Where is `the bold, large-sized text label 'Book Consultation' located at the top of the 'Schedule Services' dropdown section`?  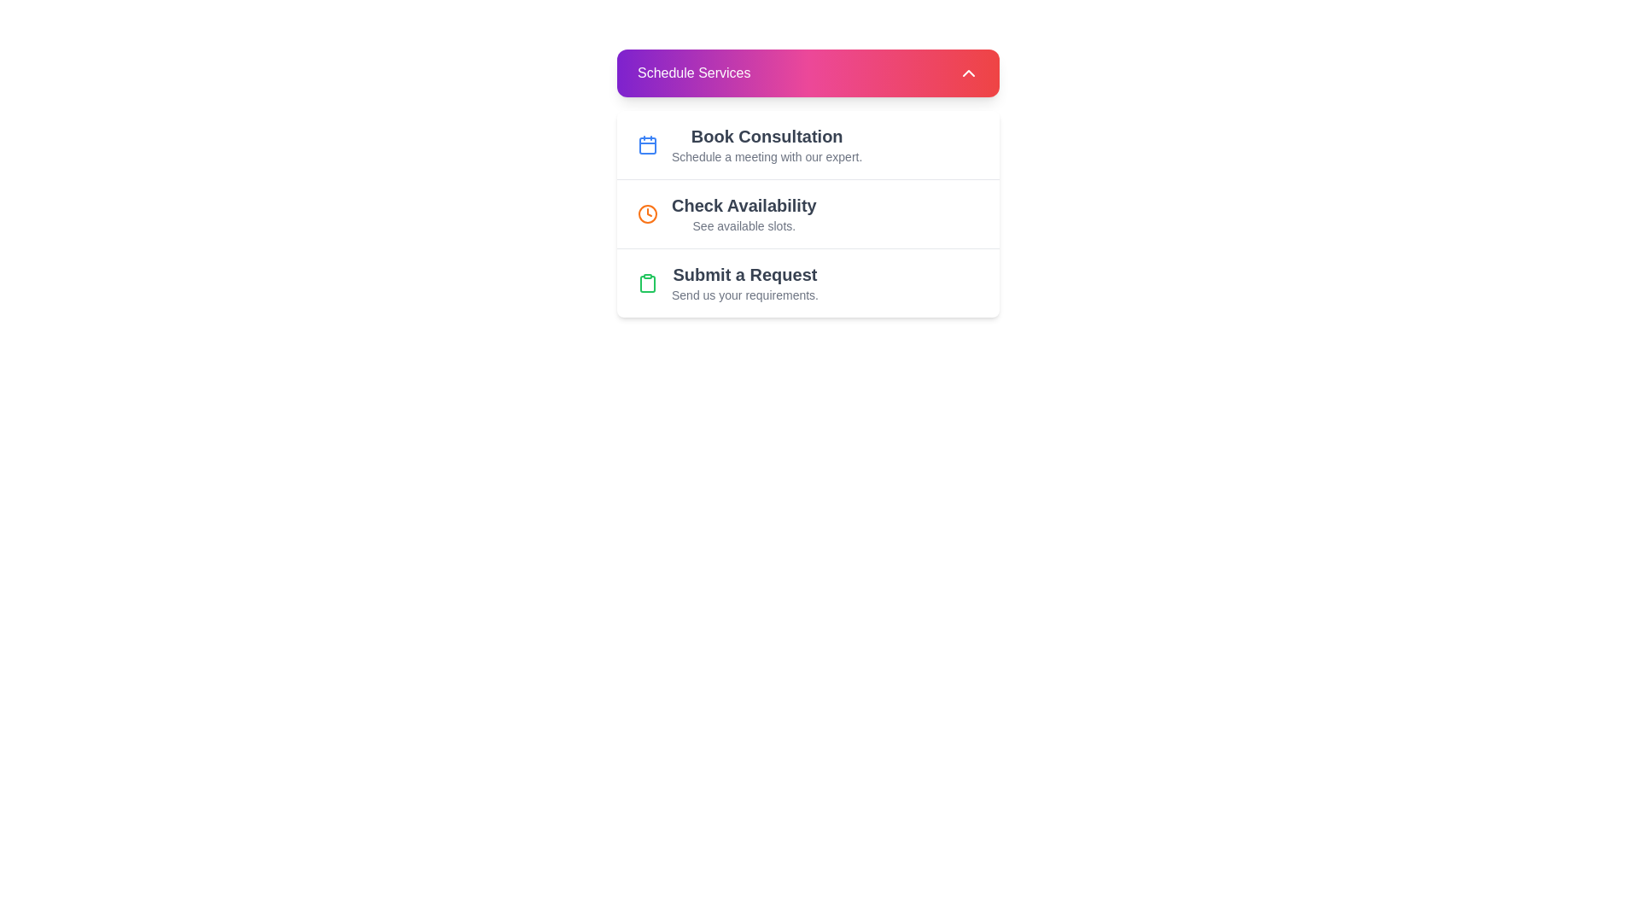
the bold, large-sized text label 'Book Consultation' located at the top of the 'Schedule Services' dropdown section is located at coordinates (766, 135).